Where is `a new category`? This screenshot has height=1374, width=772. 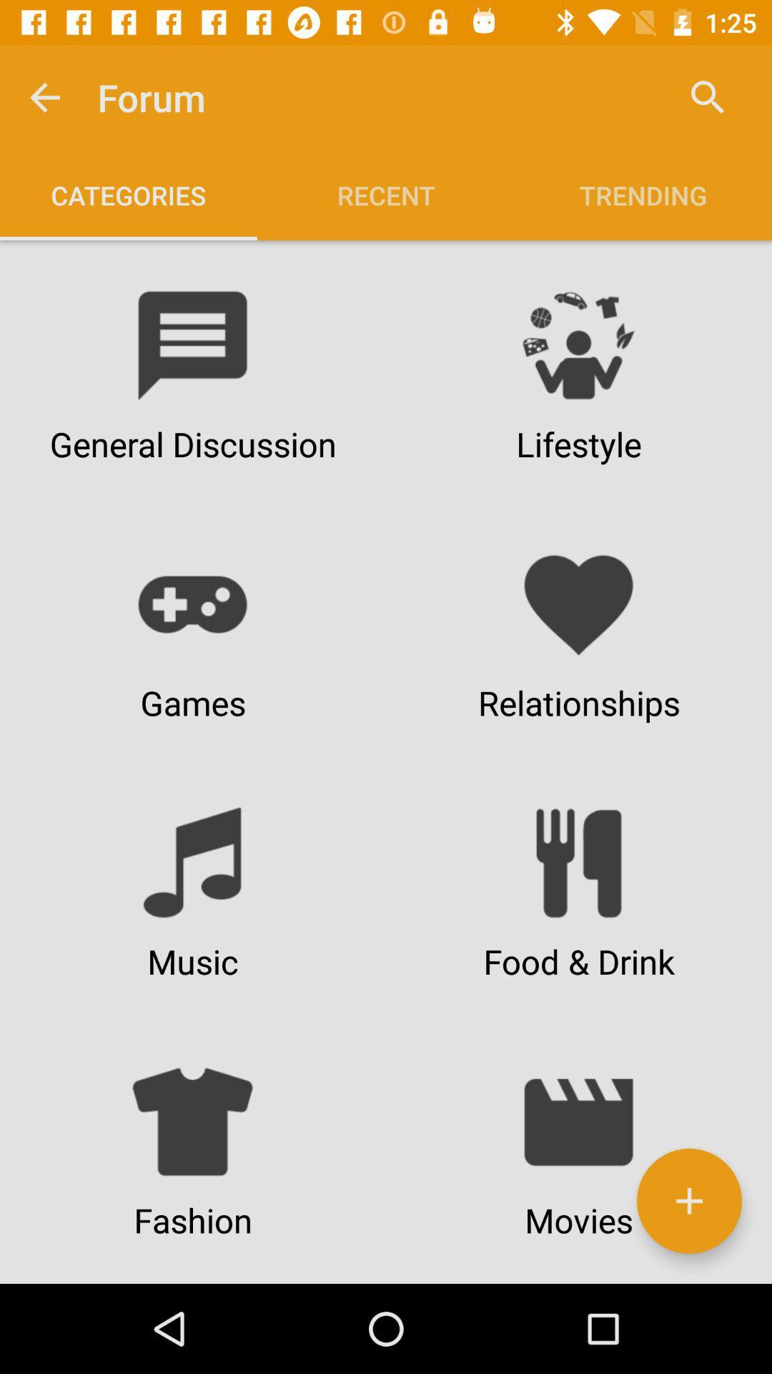 a new category is located at coordinates (688, 1201).